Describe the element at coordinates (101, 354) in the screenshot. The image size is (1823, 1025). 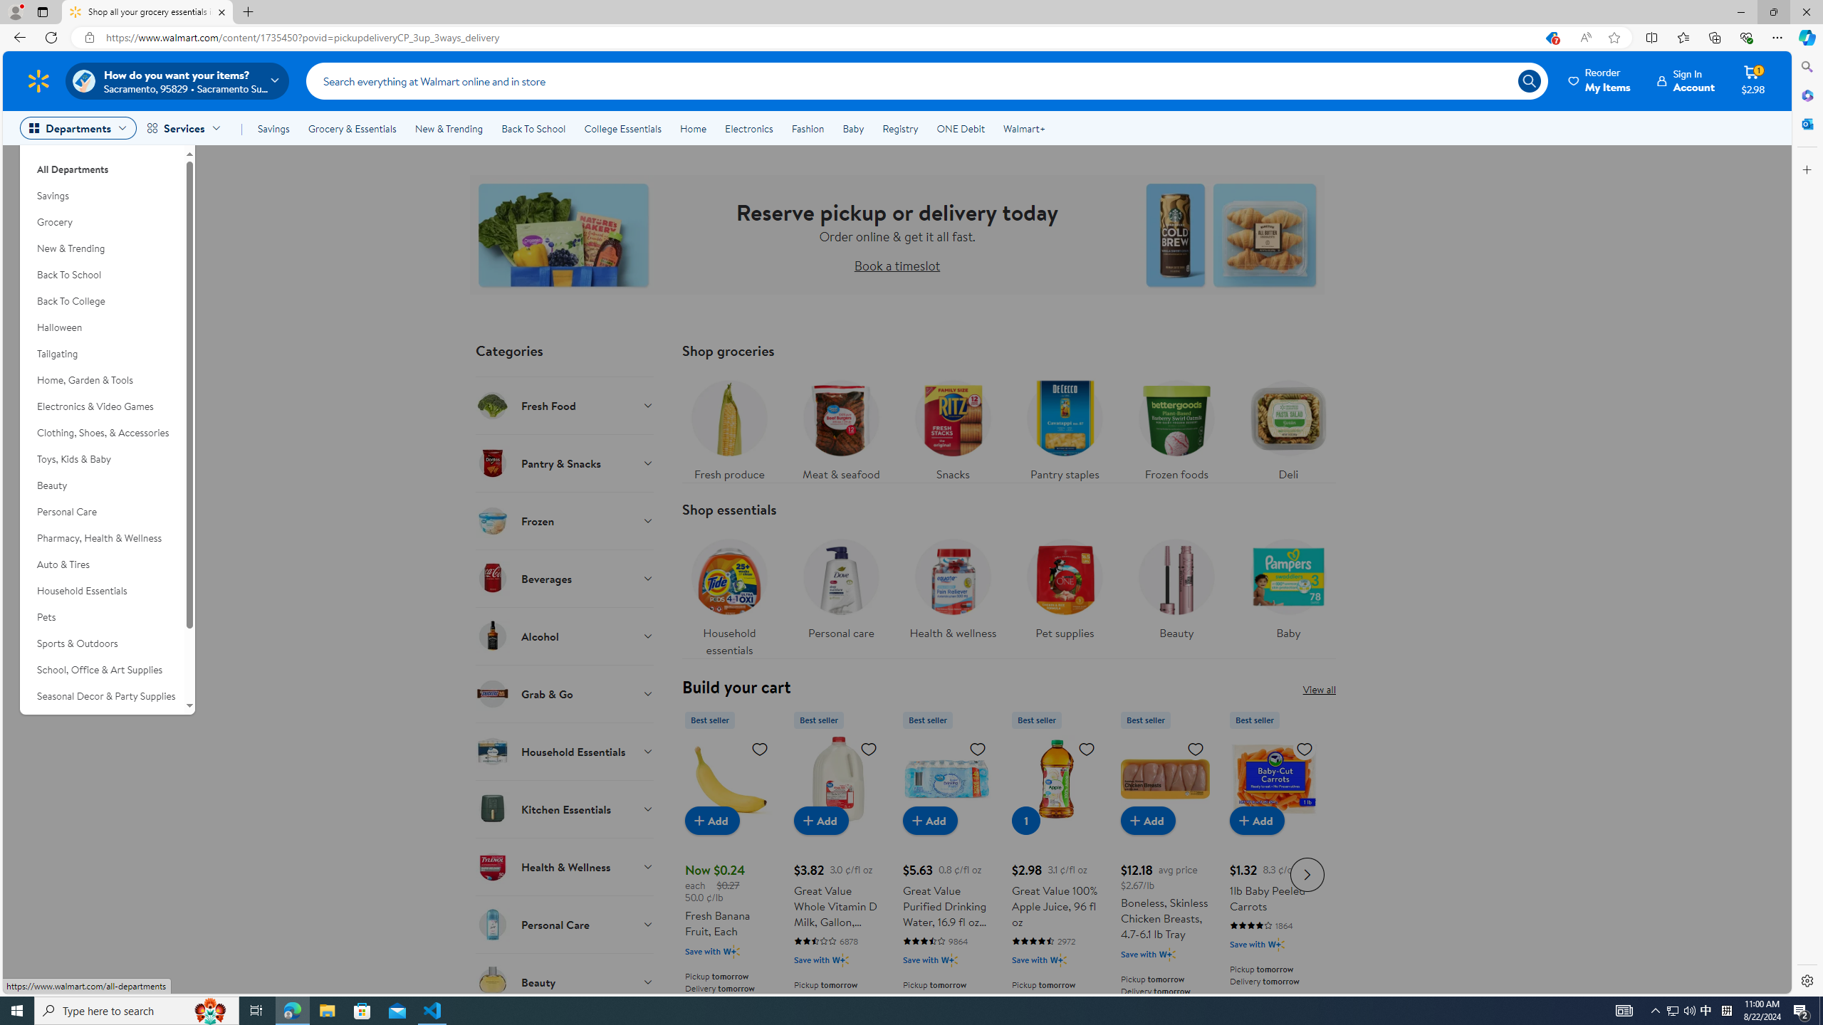
I see `'Tailgating'` at that location.